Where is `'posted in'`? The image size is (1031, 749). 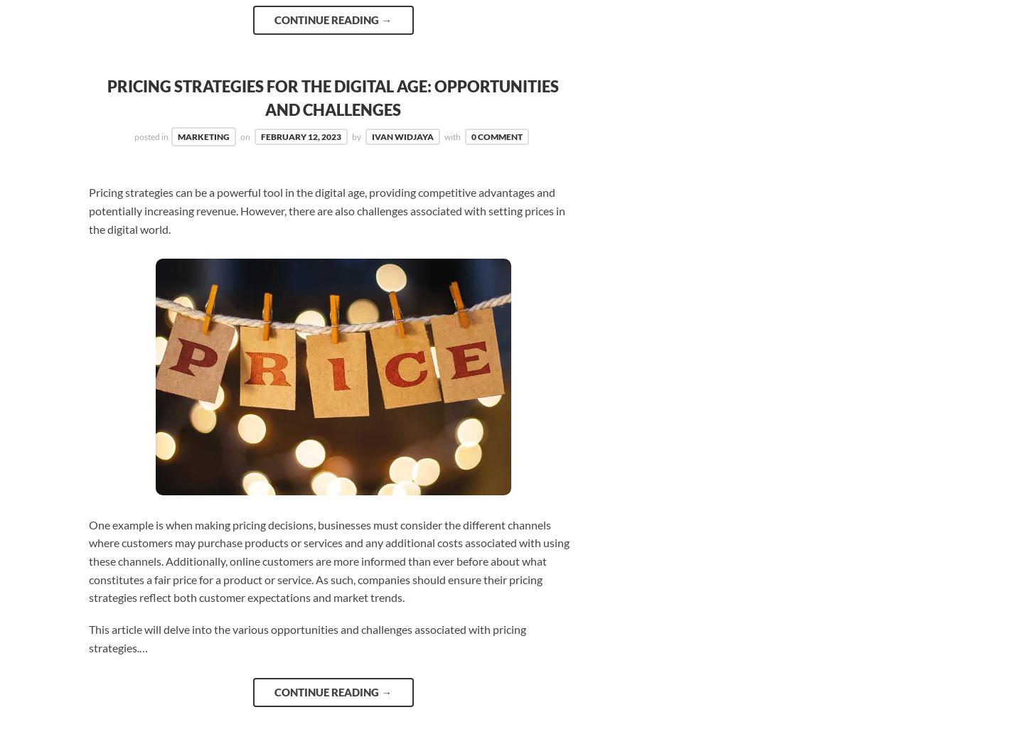 'posted in' is located at coordinates (151, 136).